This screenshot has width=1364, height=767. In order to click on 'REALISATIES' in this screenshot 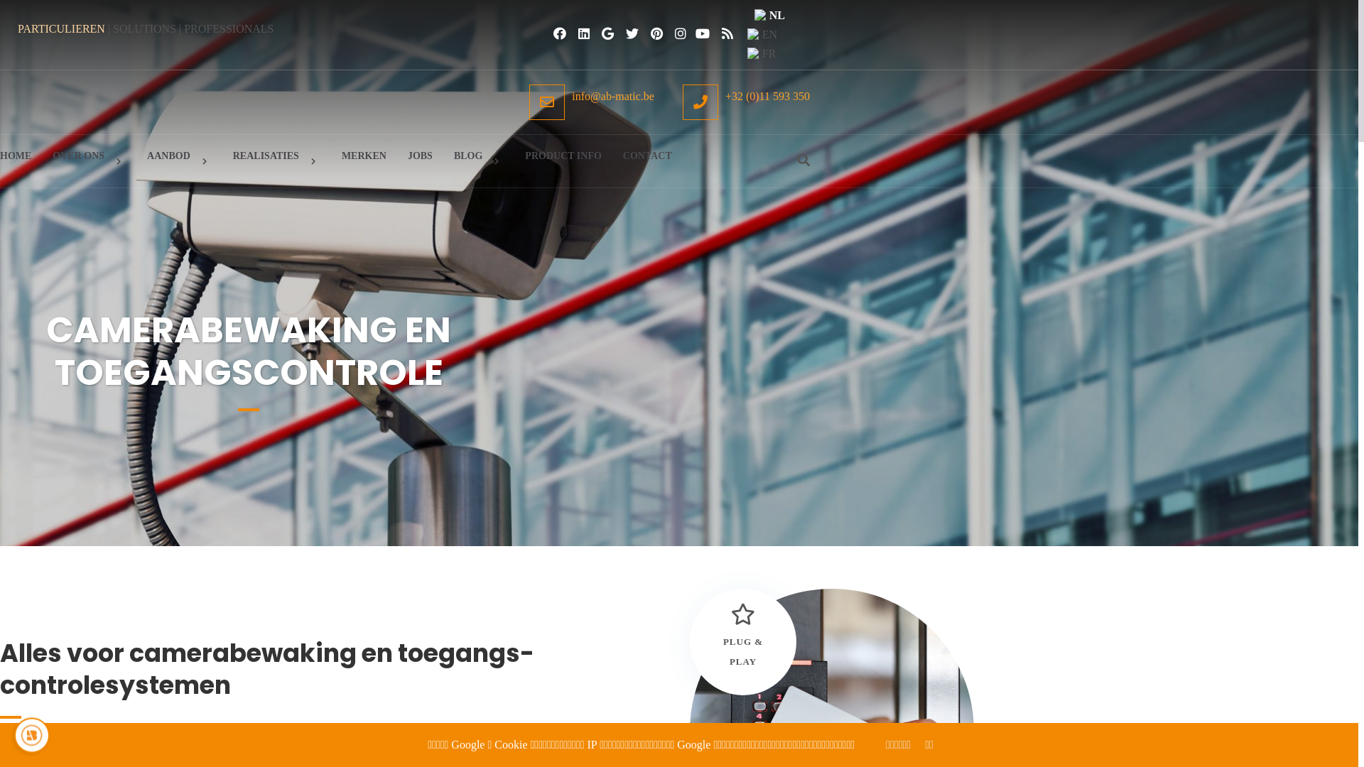, I will do `click(276, 161)`.